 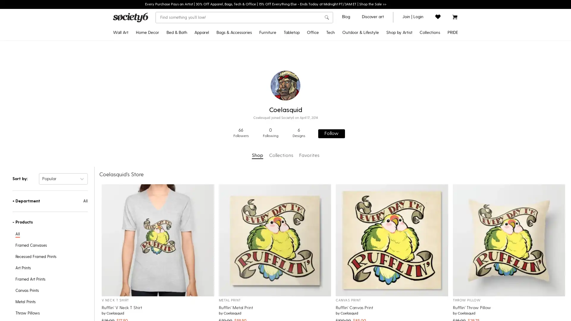 What do you see at coordinates (189, 76) in the screenshot?
I see `Shower Curtains` at bounding box center [189, 76].